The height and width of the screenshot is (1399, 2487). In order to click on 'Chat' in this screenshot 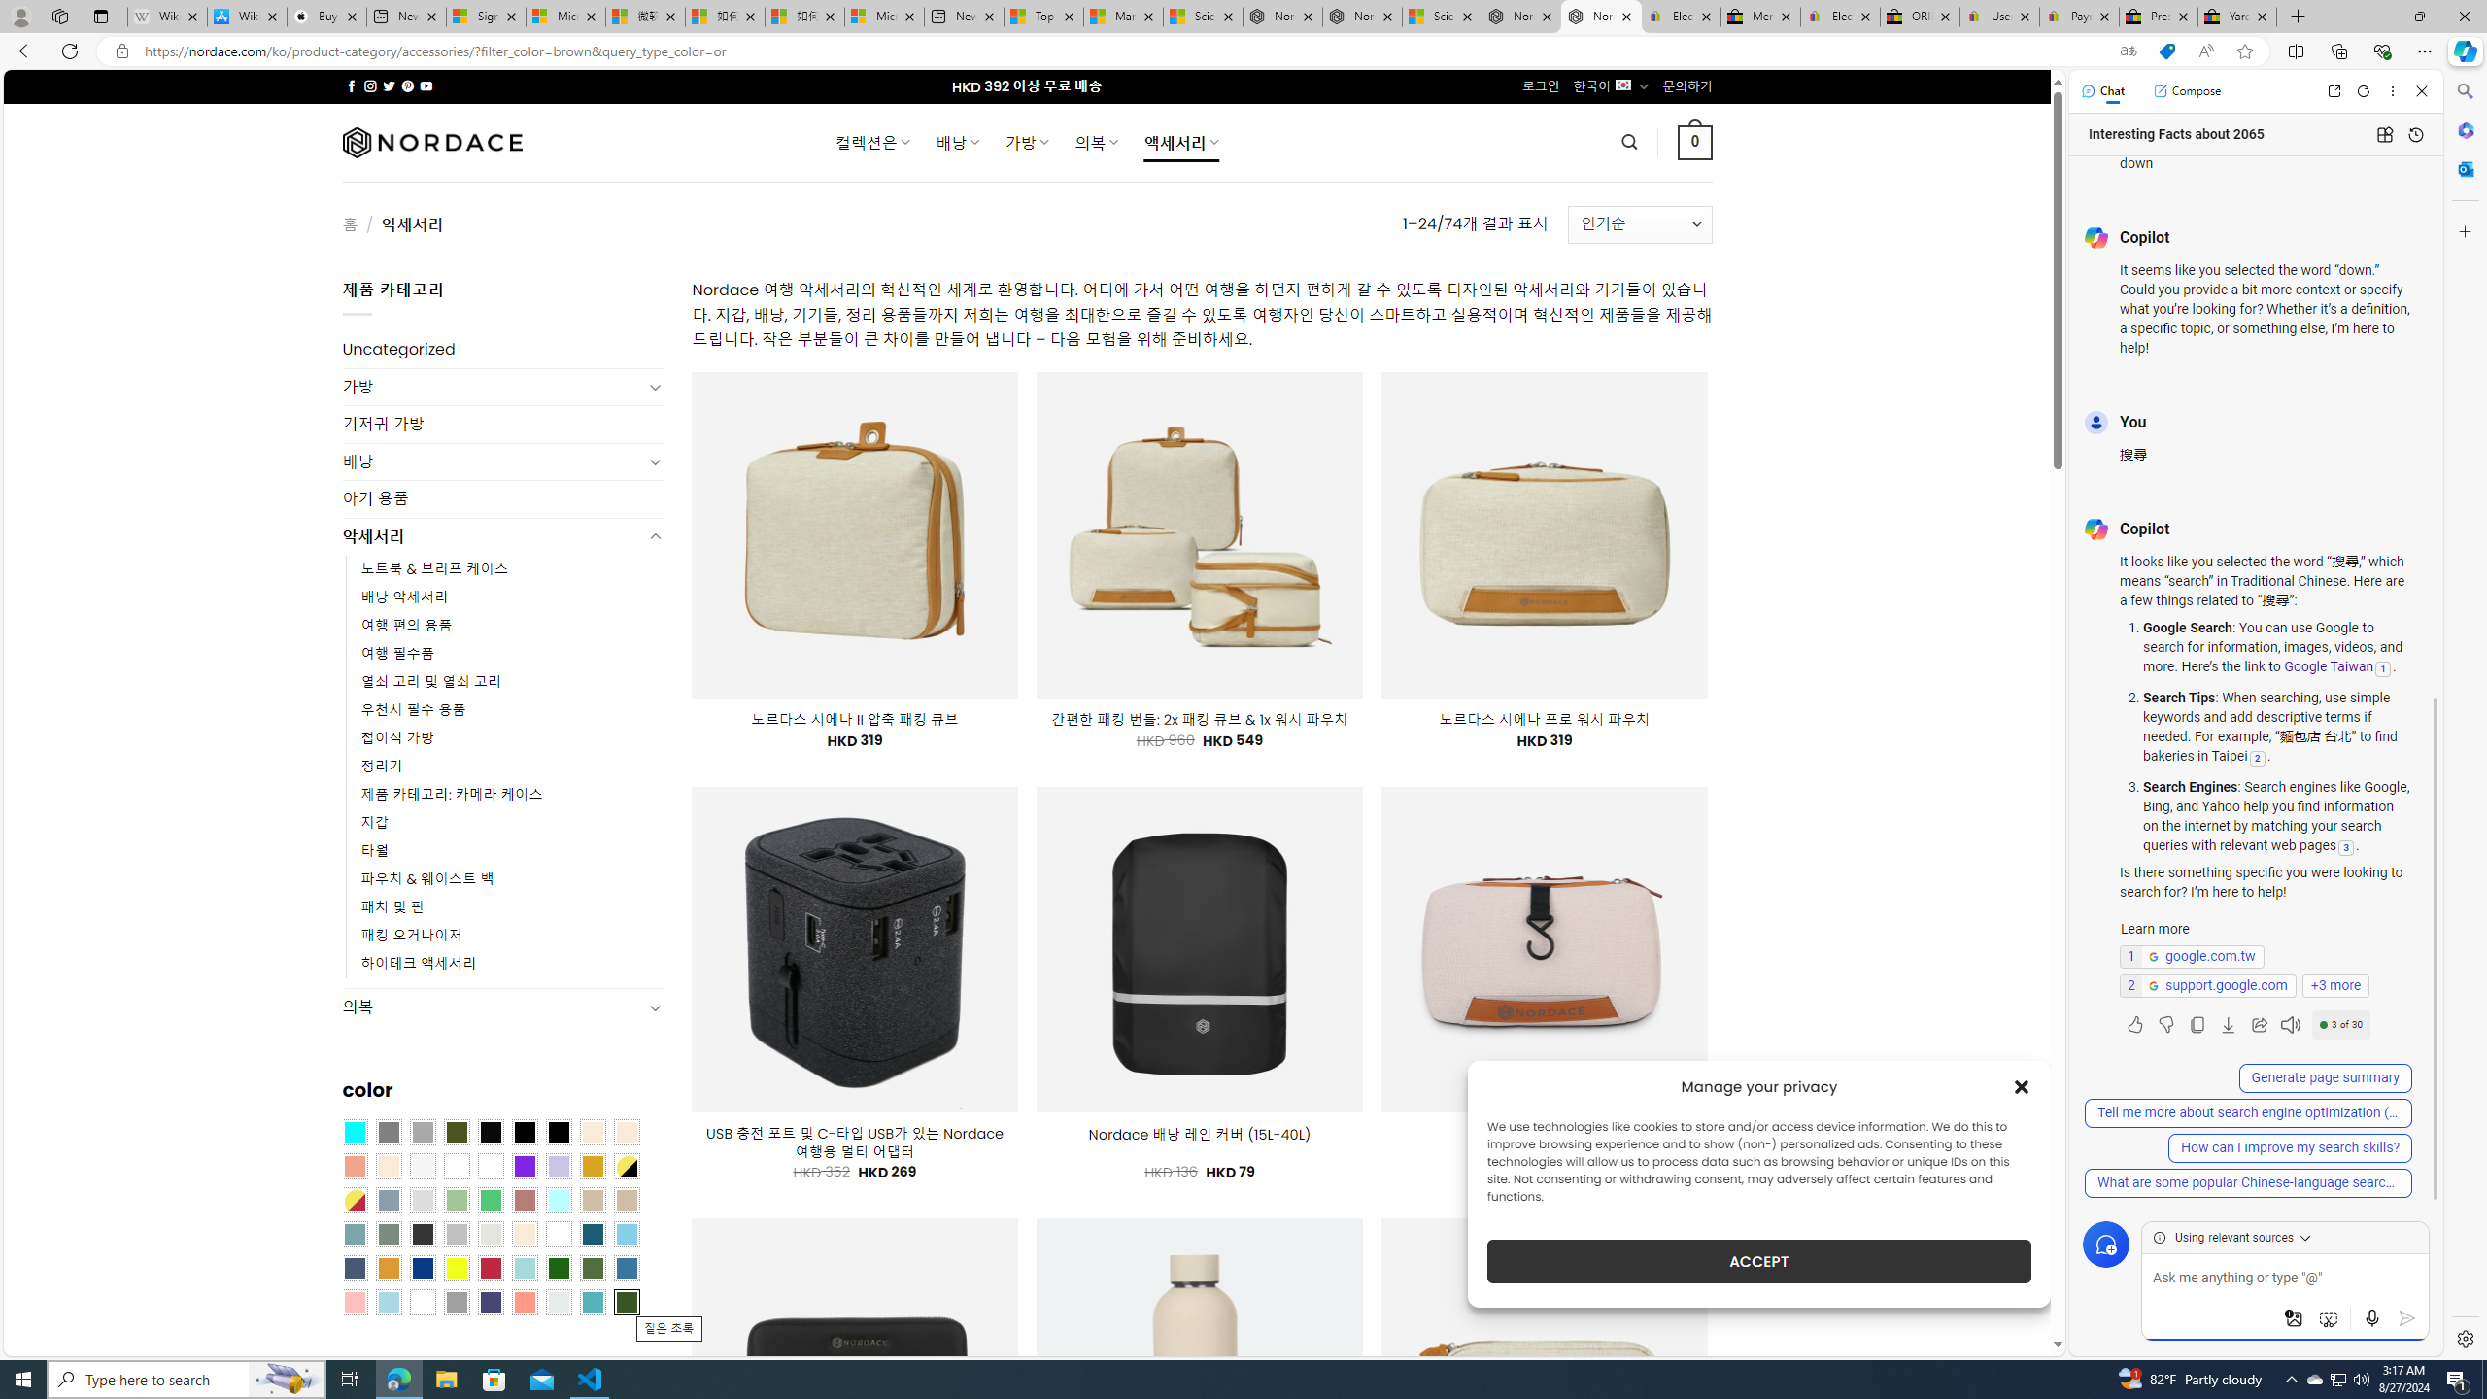, I will do `click(2102, 89)`.